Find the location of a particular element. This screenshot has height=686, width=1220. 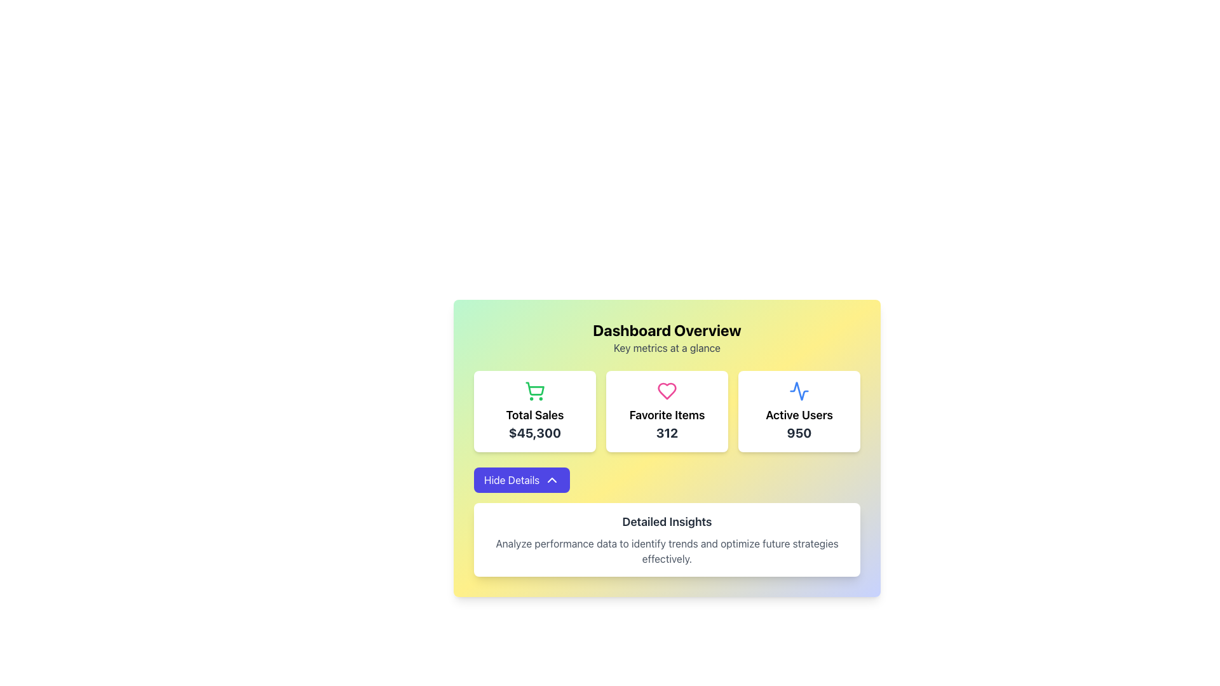

the activity icon located at the top of the 'Active Users' card, which is the third card in a row of three cards under the 'Dashboard Overview' heading is located at coordinates (798, 391).